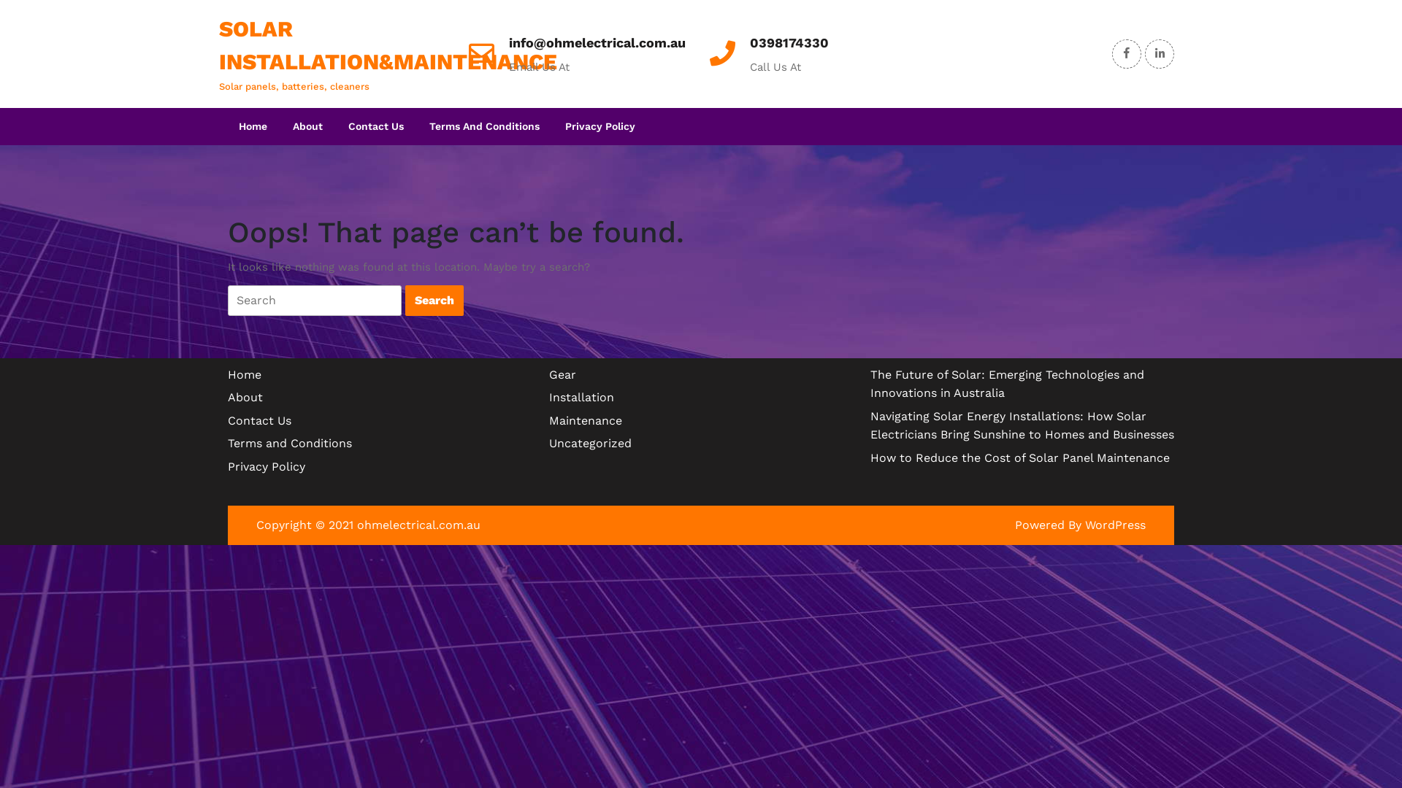 Image resolution: width=1402 pixels, height=788 pixels. I want to click on 'Maintenance', so click(585, 420).